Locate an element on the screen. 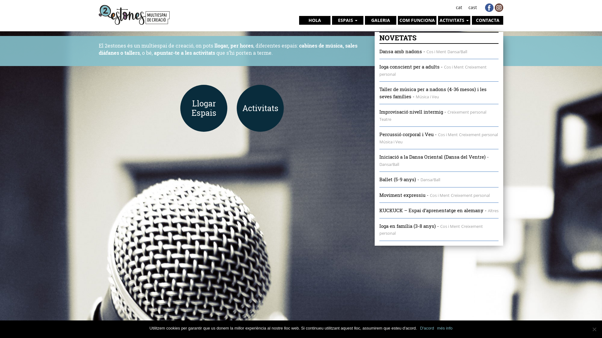 This screenshot has height=338, width=602. 'Ioga conscient per a adults' is located at coordinates (409, 66).